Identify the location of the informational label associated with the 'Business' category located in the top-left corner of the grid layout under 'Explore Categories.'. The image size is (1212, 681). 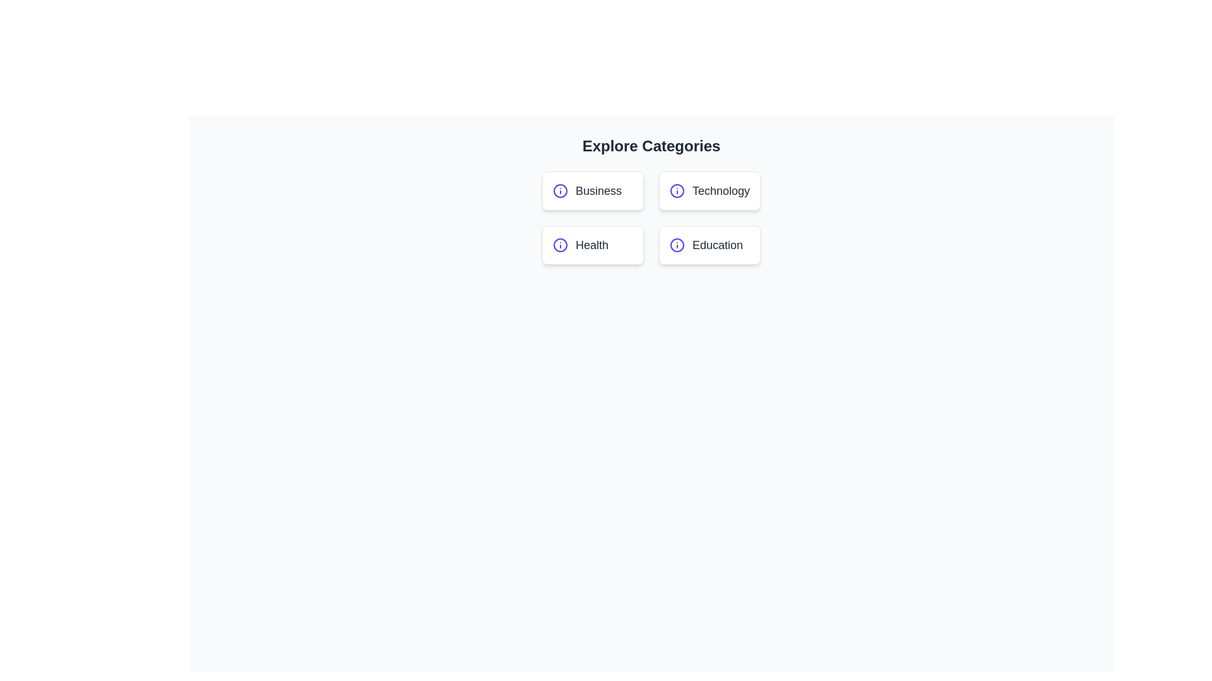
(592, 191).